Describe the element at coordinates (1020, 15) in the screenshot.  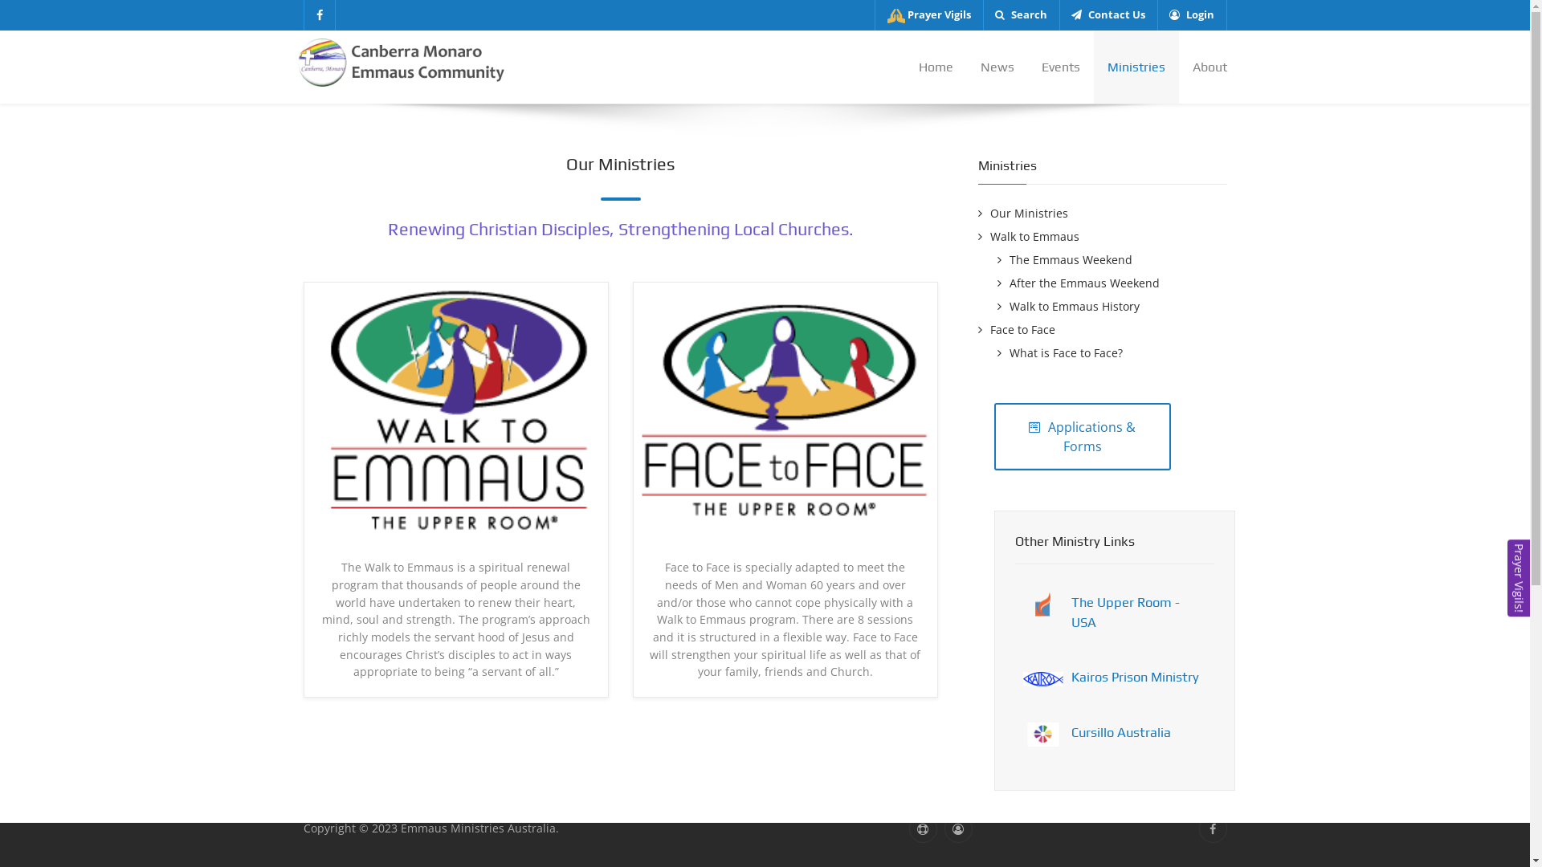
I see `'Search'` at that location.